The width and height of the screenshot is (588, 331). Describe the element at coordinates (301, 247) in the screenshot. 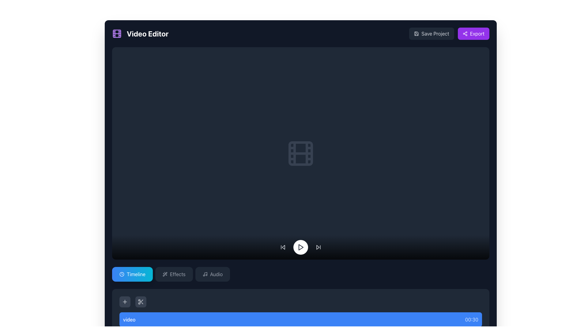

I see `the control bar with gradient background that provides playback options like play/pause, skip forward, and rewind functionalities` at that location.